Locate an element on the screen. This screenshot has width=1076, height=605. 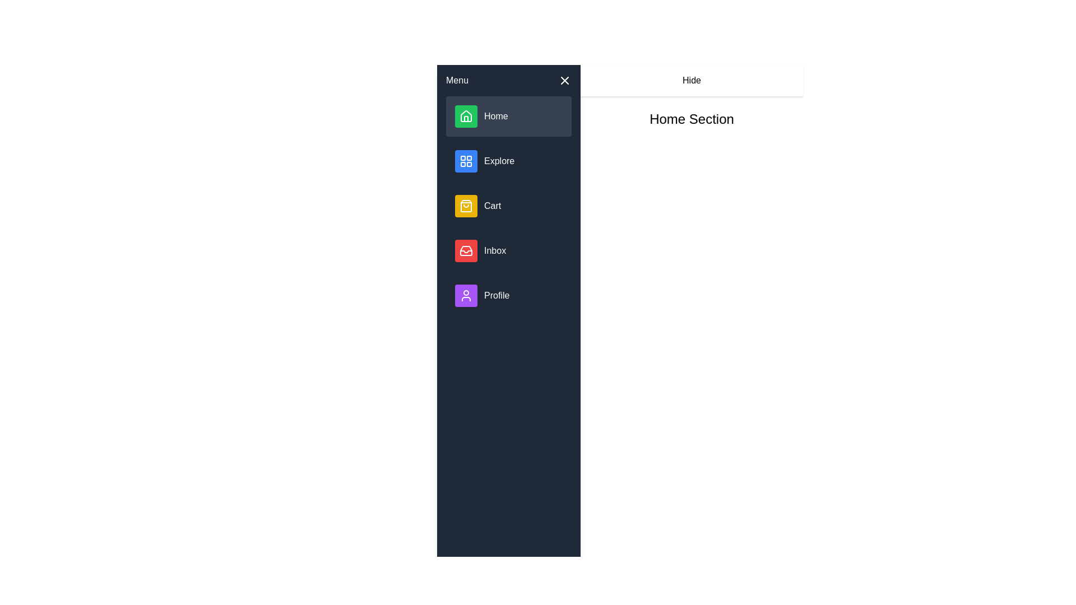
the 'Inbox' button which has a red icon box with a white inbox icon and is the fourth item in the vertical menu list is located at coordinates (508, 250).